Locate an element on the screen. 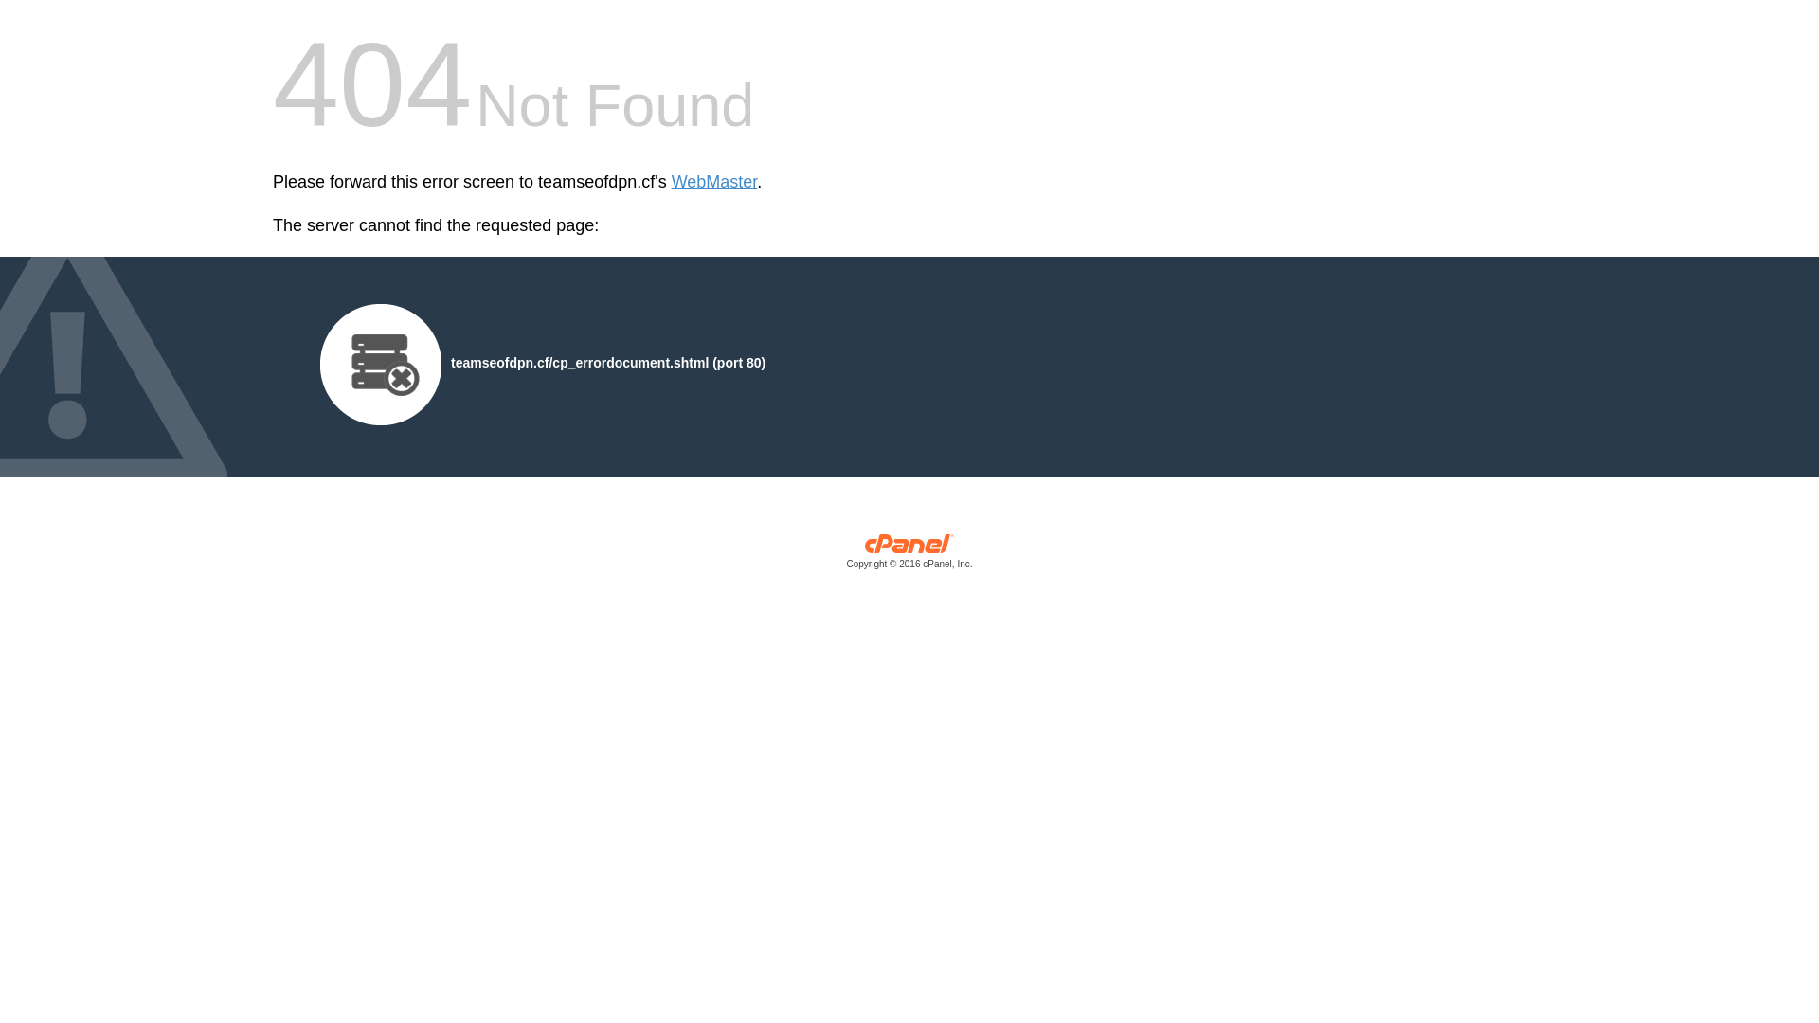  'WebMaster' is located at coordinates (713, 182).